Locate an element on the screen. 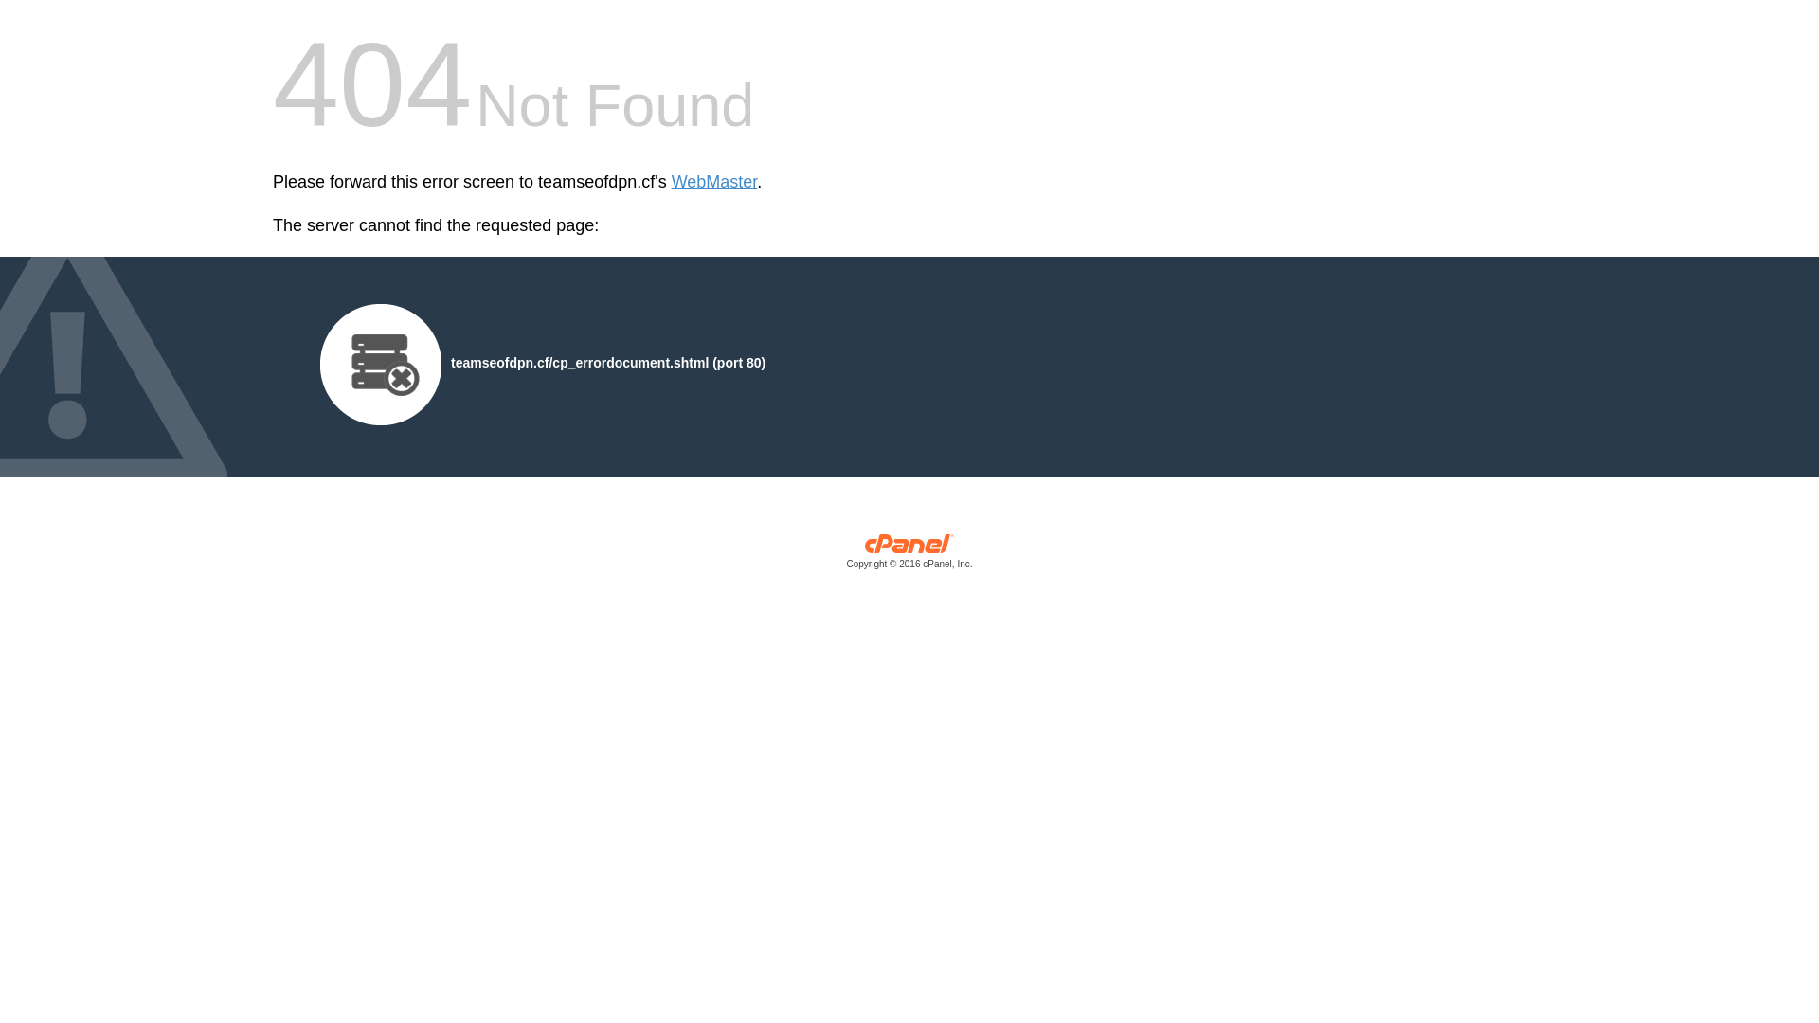  'WebMaster' is located at coordinates (713, 182).